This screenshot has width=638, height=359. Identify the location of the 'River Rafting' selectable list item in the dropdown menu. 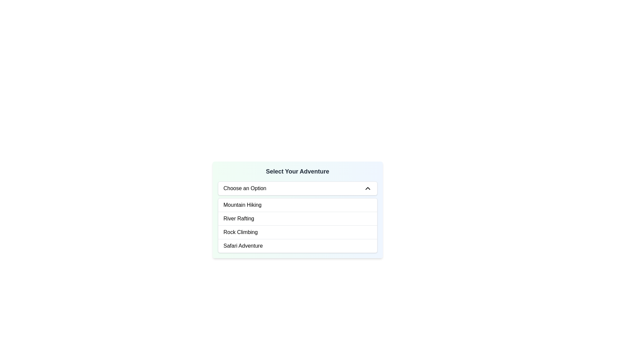
(239, 219).